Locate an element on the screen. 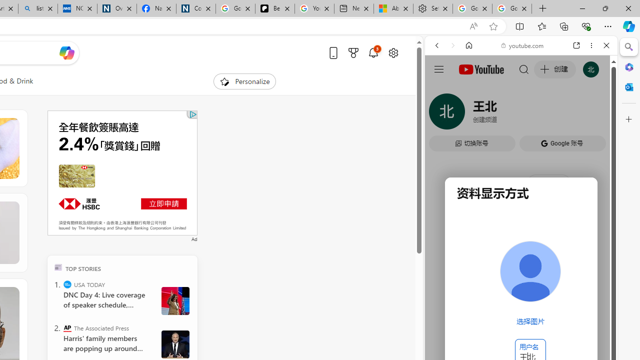 The height and width of the screenshot is (360, 640). '#you' is located at coordinates (520, 222).